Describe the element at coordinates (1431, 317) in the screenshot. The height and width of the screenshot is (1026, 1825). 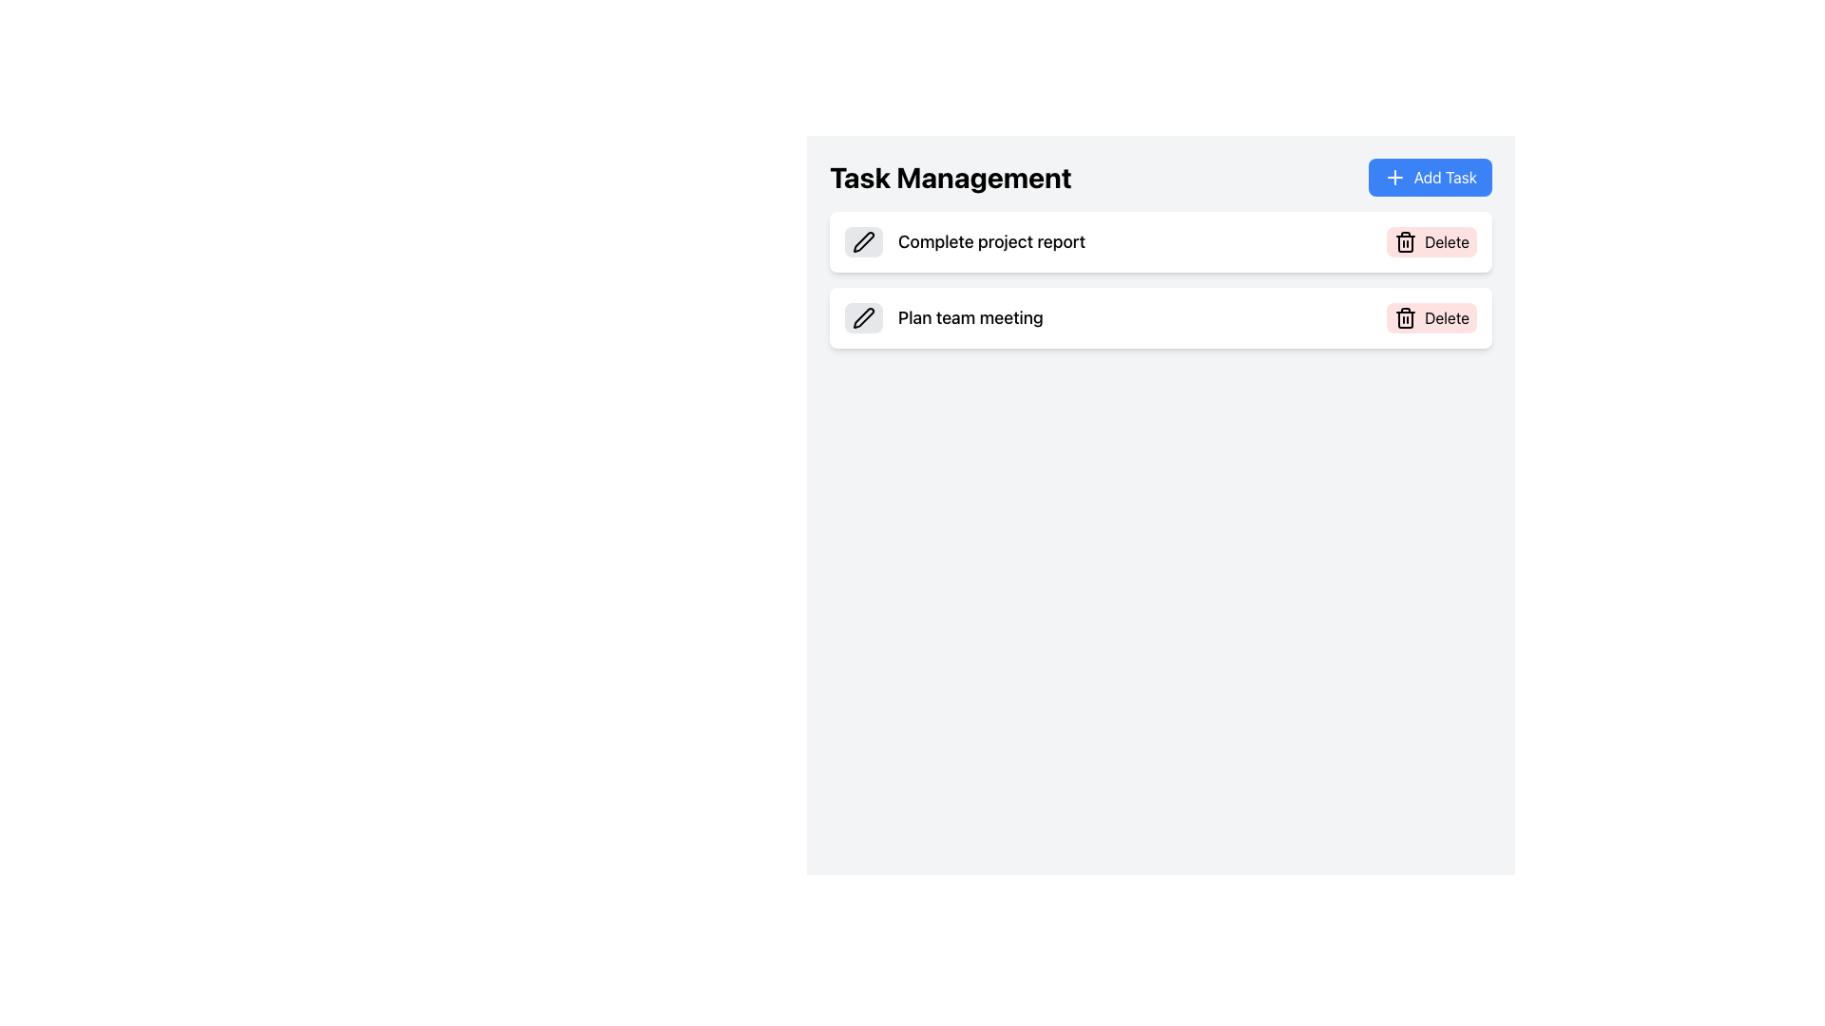
I see `the light red rectangular button labeled 'Delete' with a trash bin icon, located in the second task block titled 'Plan team meeting'` at that location.